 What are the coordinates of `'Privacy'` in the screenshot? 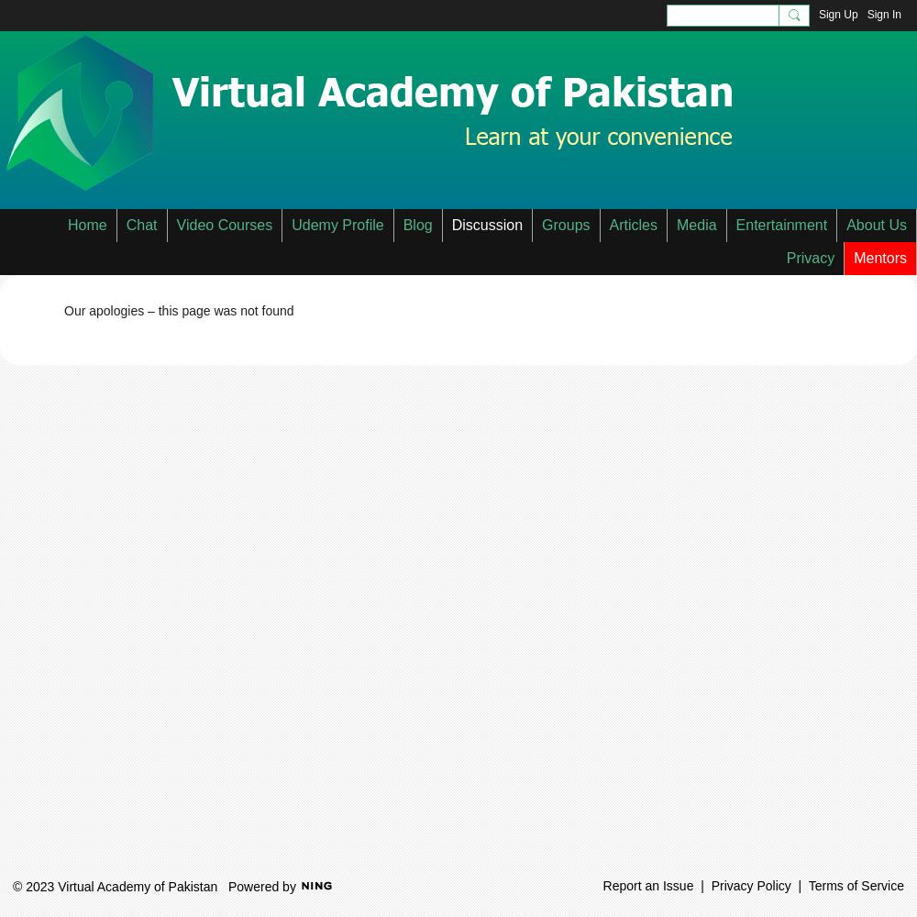 It's located at (810, 258).